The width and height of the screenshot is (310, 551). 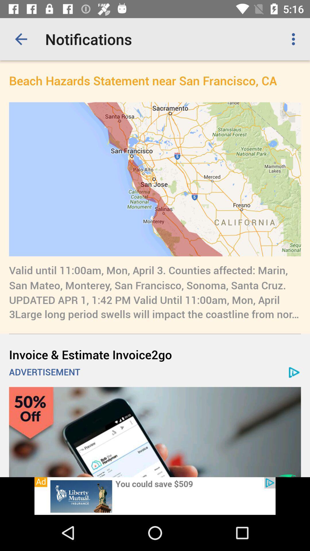 What do you see at coordinates (155, 496) in the screenshot?
I see `open advertisement` at bounding box center [155, 496].